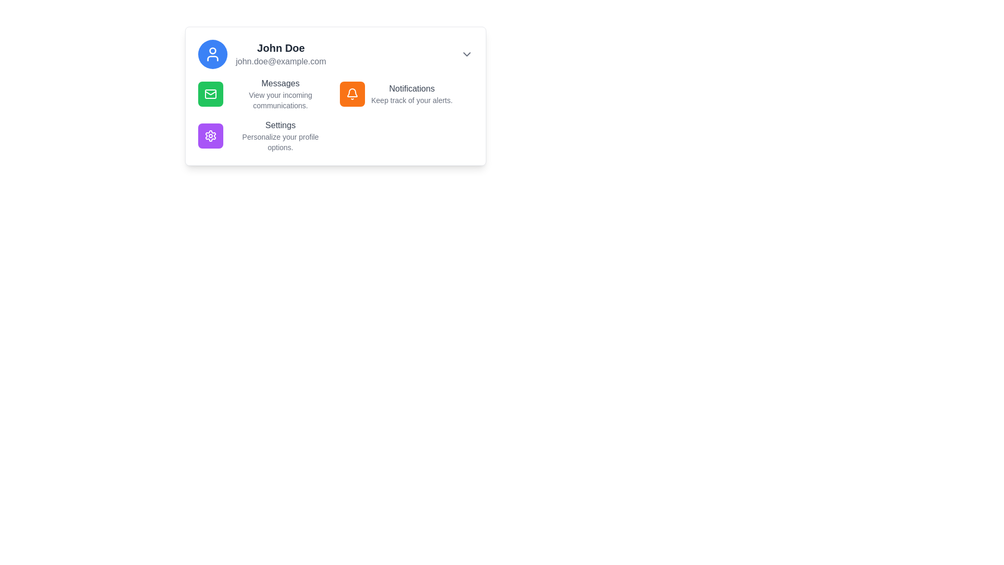  What do you see at coordinates (212, 58) in the screenshot?
I see `vector-based graphic element representing the shoulders and neck of the user icon located at the lower section of the circular avatar icon by clicking on it` at bounding box center [212, 58].